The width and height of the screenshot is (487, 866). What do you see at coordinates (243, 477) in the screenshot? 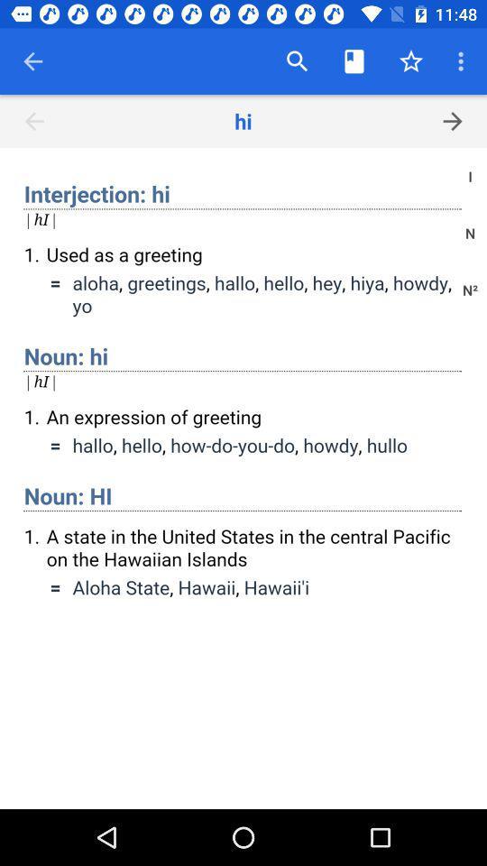
I see `information about the searched word` at bounding box center [243, 477].